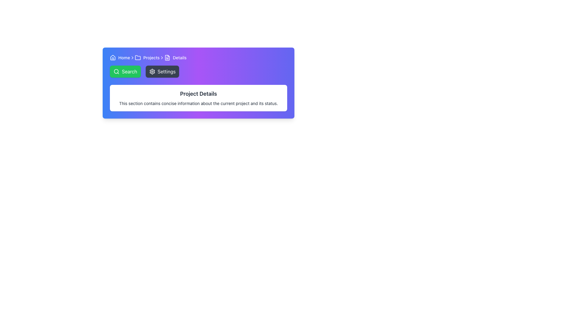  I want to click on properties of the SVG Circle element, which is part of the magnifying glass icon located next to the 'Settings' button, so click(116, 71).